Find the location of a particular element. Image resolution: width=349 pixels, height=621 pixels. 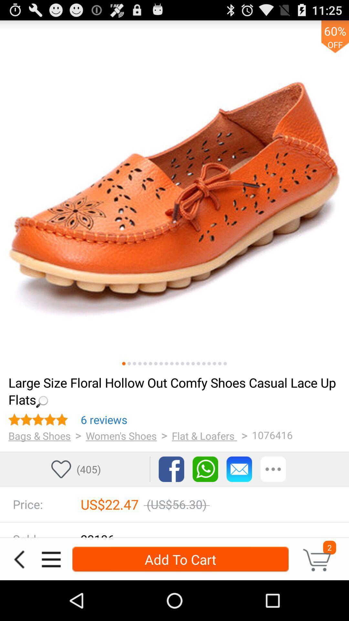

switch image view is located at coordinates (166, 364).